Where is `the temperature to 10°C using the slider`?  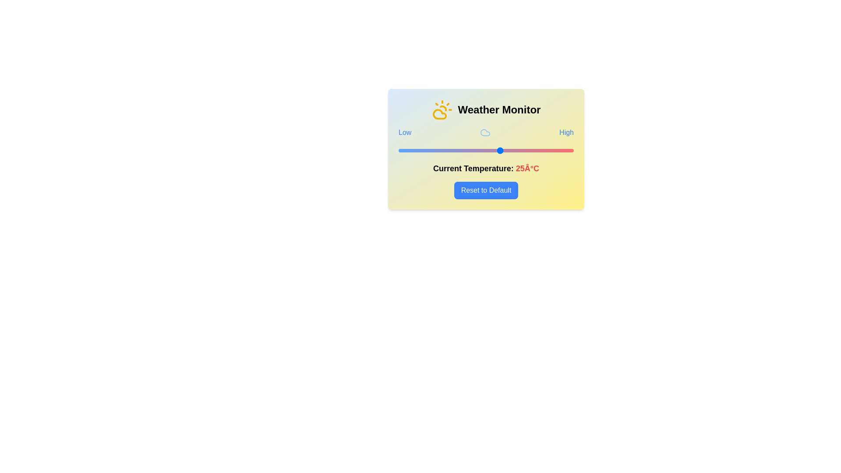 the temperature to 10°C using the slider is located at coordinates (456, 150).